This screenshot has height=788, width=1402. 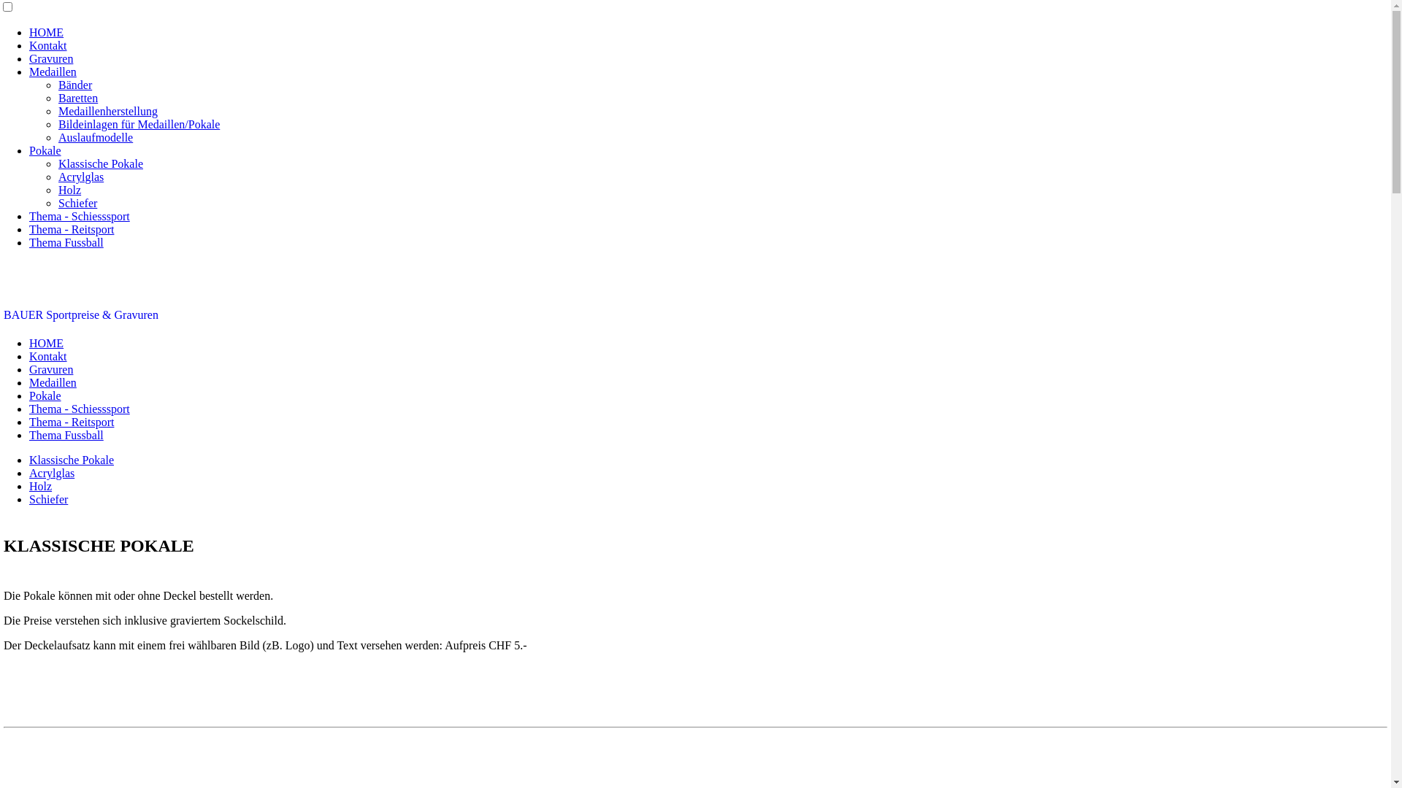 I want to click on 'Acrylglas', so click(x=80, y=176).